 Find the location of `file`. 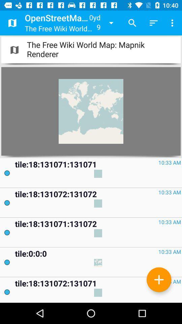

file is located at coordinates (159, 279).